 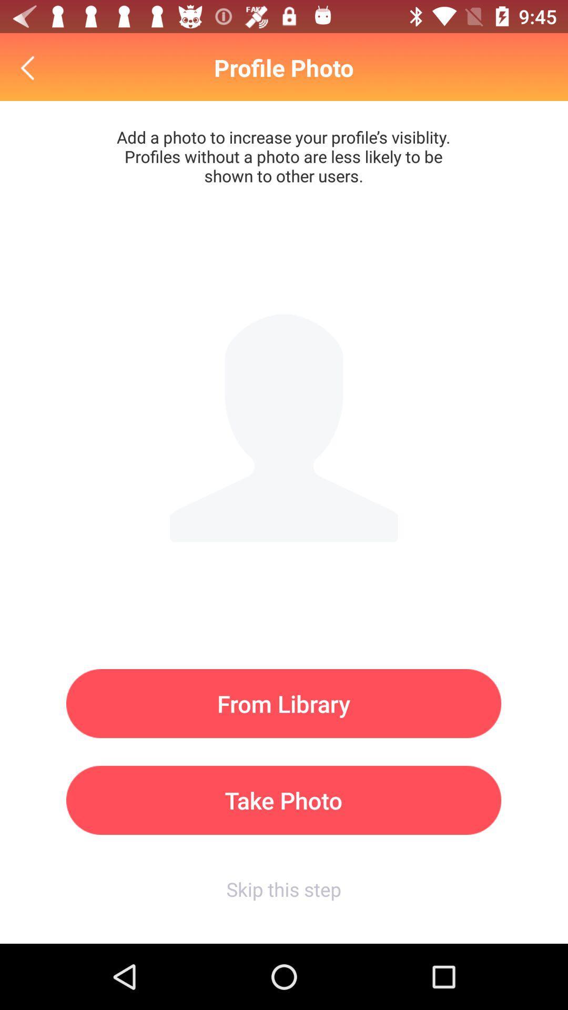 What do you see at coordinates (283, 800) in the screenshot?
I see `item below the from library icon` at bounding box center [283, 800].